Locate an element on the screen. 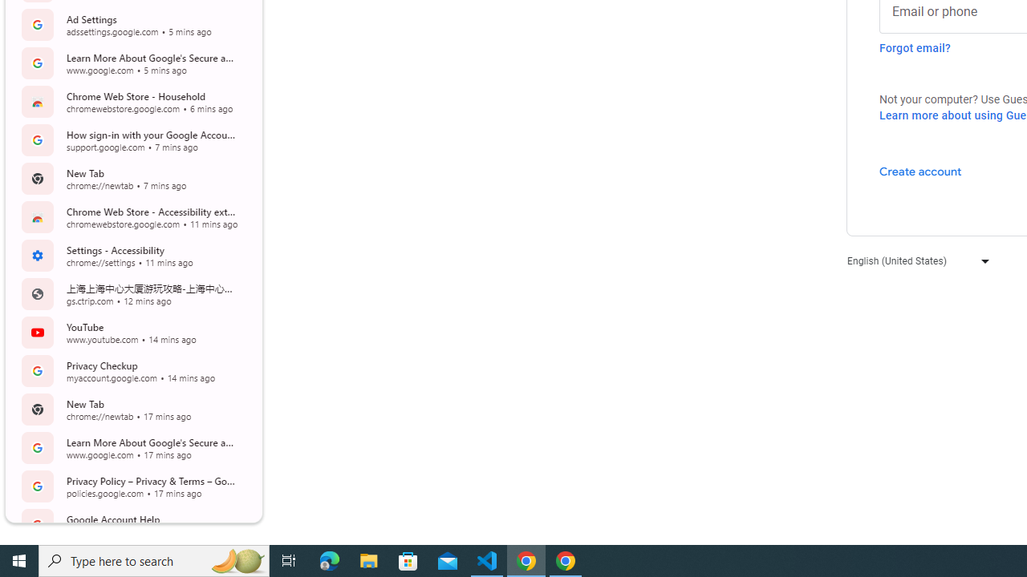  'New Tab newtab 7 mins ago Open Tab' is located at coordinates (132, 178).